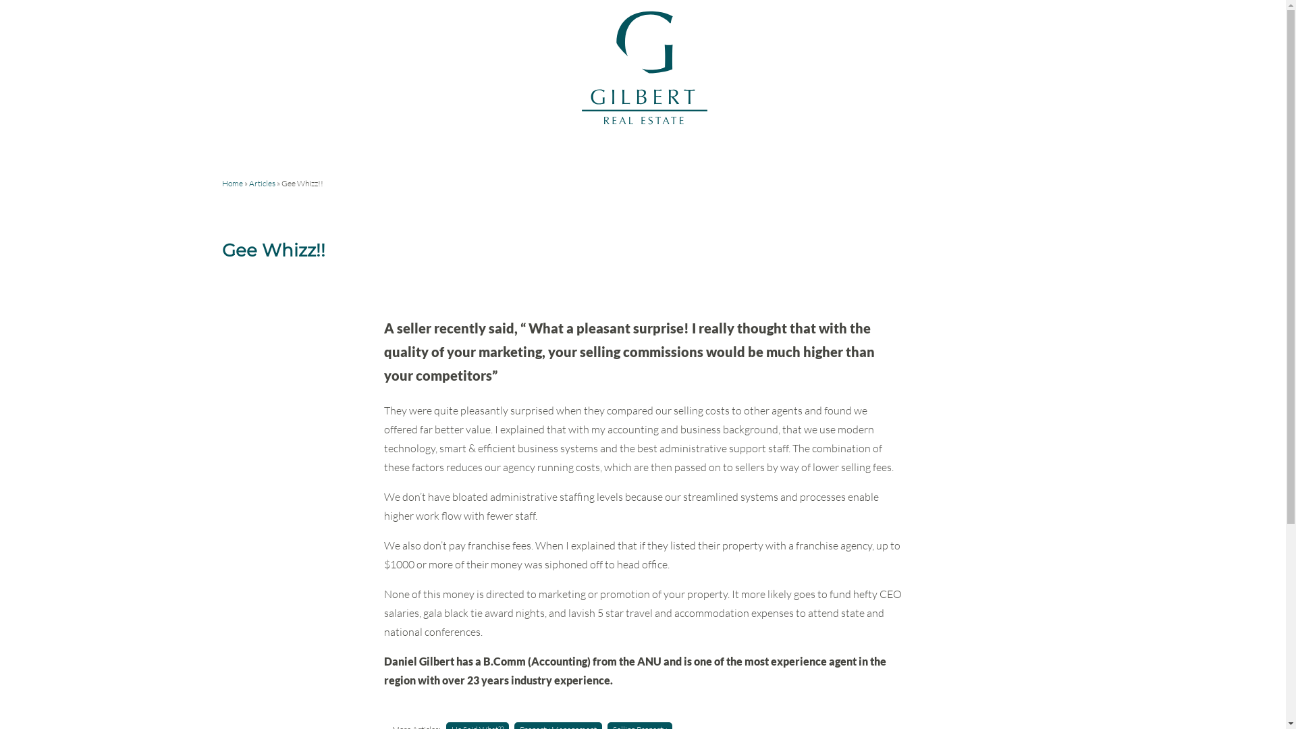 This screenshot has width=1296, height=729. I want to click on 'Gilbert Real Estate', so click(641, 122).